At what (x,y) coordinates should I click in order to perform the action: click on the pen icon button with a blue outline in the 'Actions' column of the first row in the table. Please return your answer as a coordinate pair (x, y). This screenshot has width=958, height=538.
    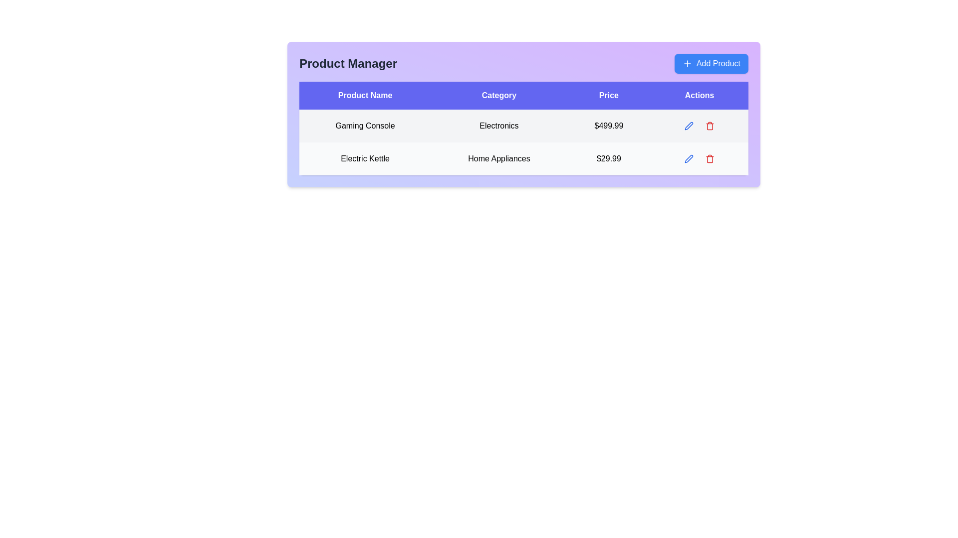
    Looking at the image, I should click on (689, 158).